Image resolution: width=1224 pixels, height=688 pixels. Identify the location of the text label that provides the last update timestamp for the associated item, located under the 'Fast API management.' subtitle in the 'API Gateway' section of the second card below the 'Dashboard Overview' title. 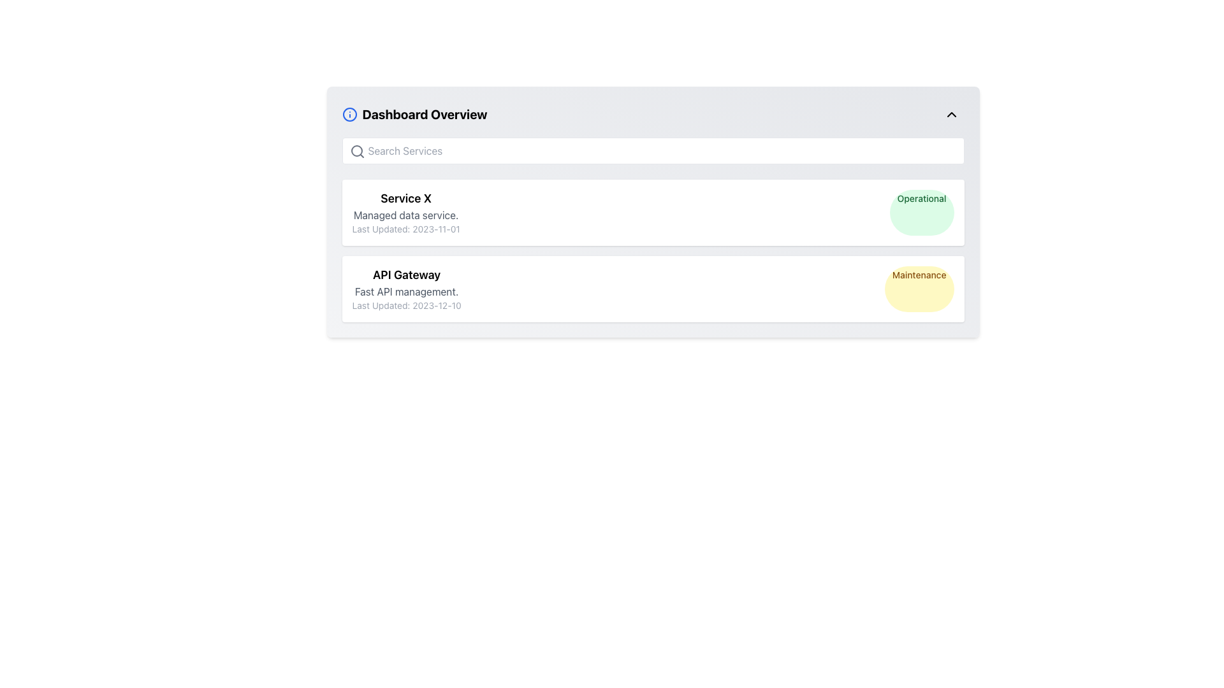
(406, 305).